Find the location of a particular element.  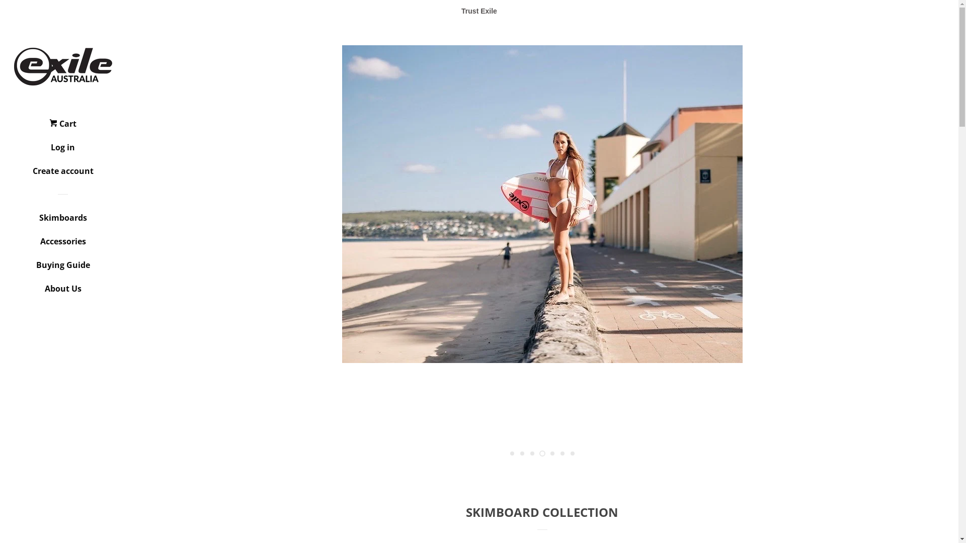

'6' is located at coordinates (562, 454).